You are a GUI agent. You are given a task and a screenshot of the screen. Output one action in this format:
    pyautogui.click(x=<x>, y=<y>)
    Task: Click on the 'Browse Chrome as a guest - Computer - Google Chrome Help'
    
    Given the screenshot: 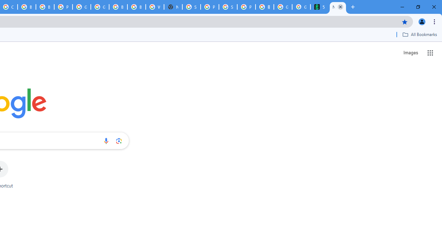 What is the action you would take?
    pyautogui.click(x=27, y=7)
    